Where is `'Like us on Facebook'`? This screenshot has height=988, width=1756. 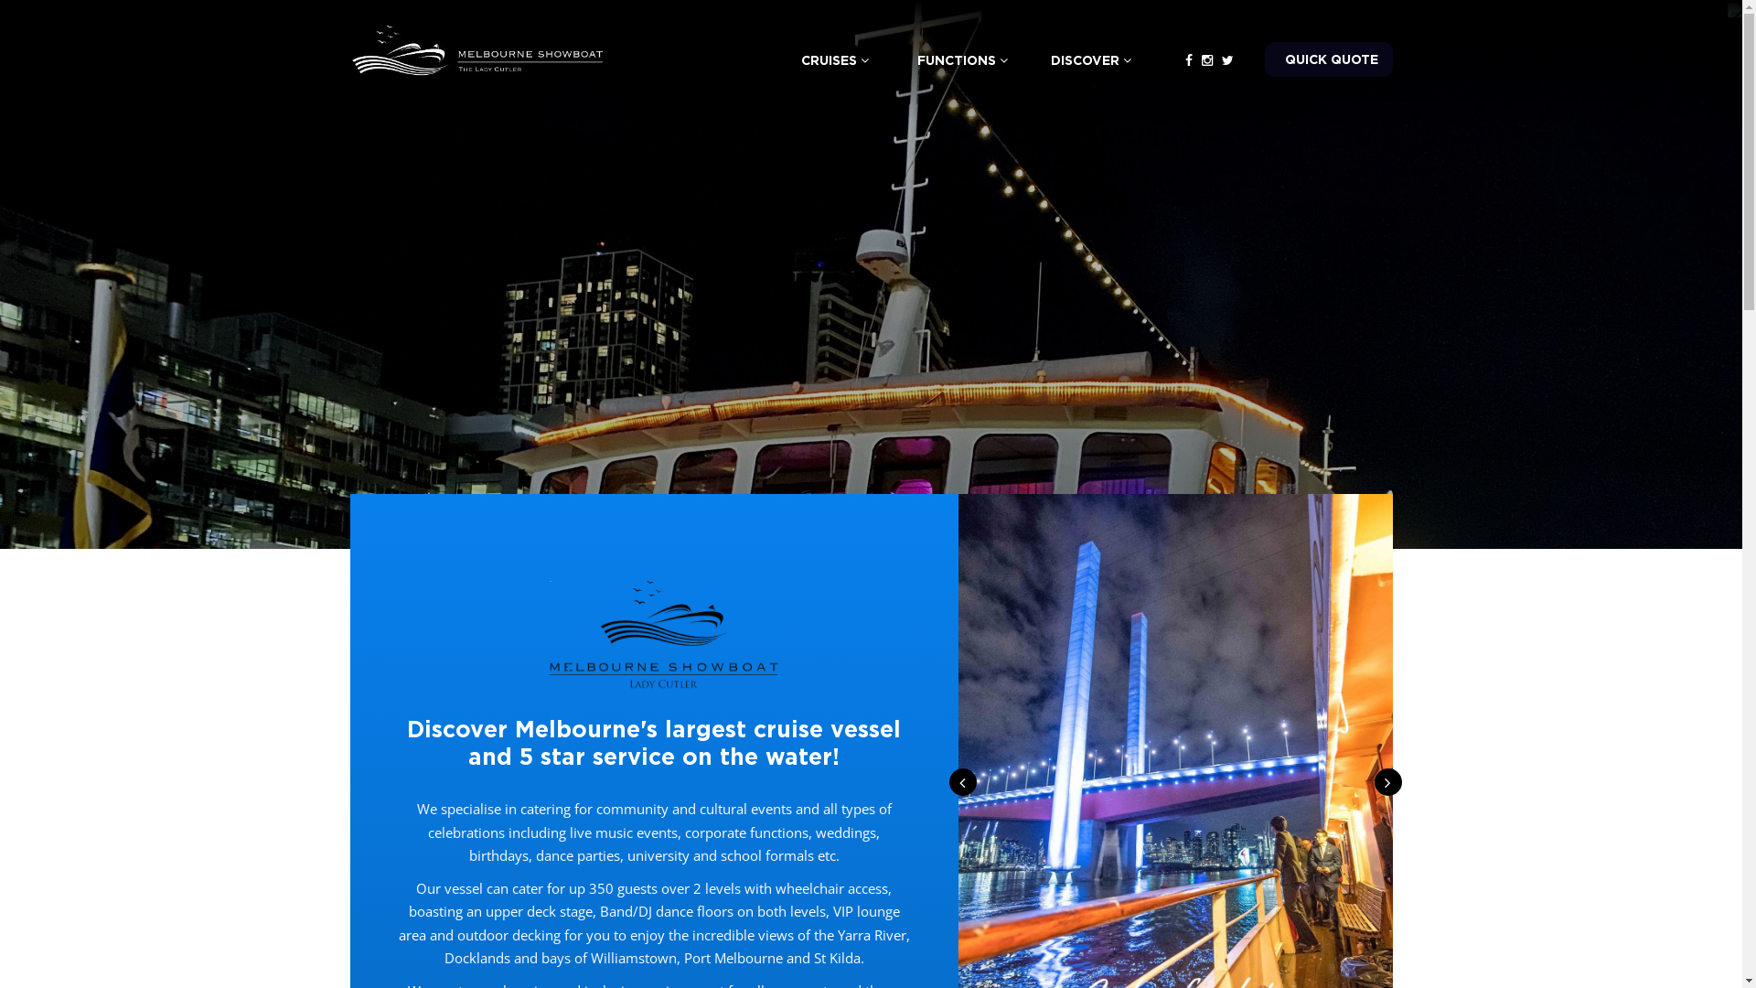 'Like us on Facebook' is located at coordinates (1189, 59).